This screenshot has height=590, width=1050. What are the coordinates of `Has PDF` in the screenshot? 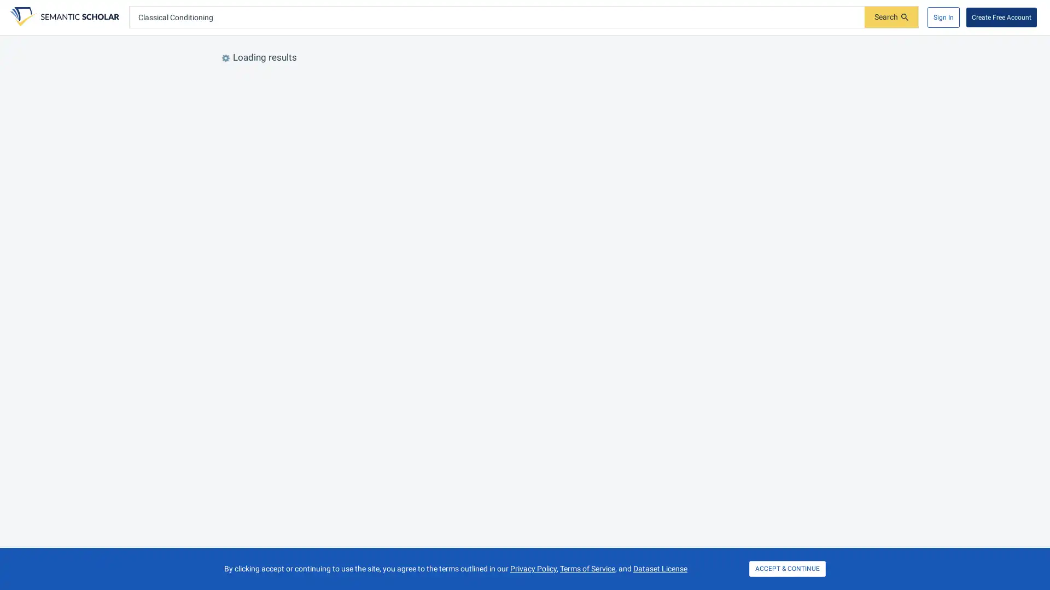 It's located at (380, 86).